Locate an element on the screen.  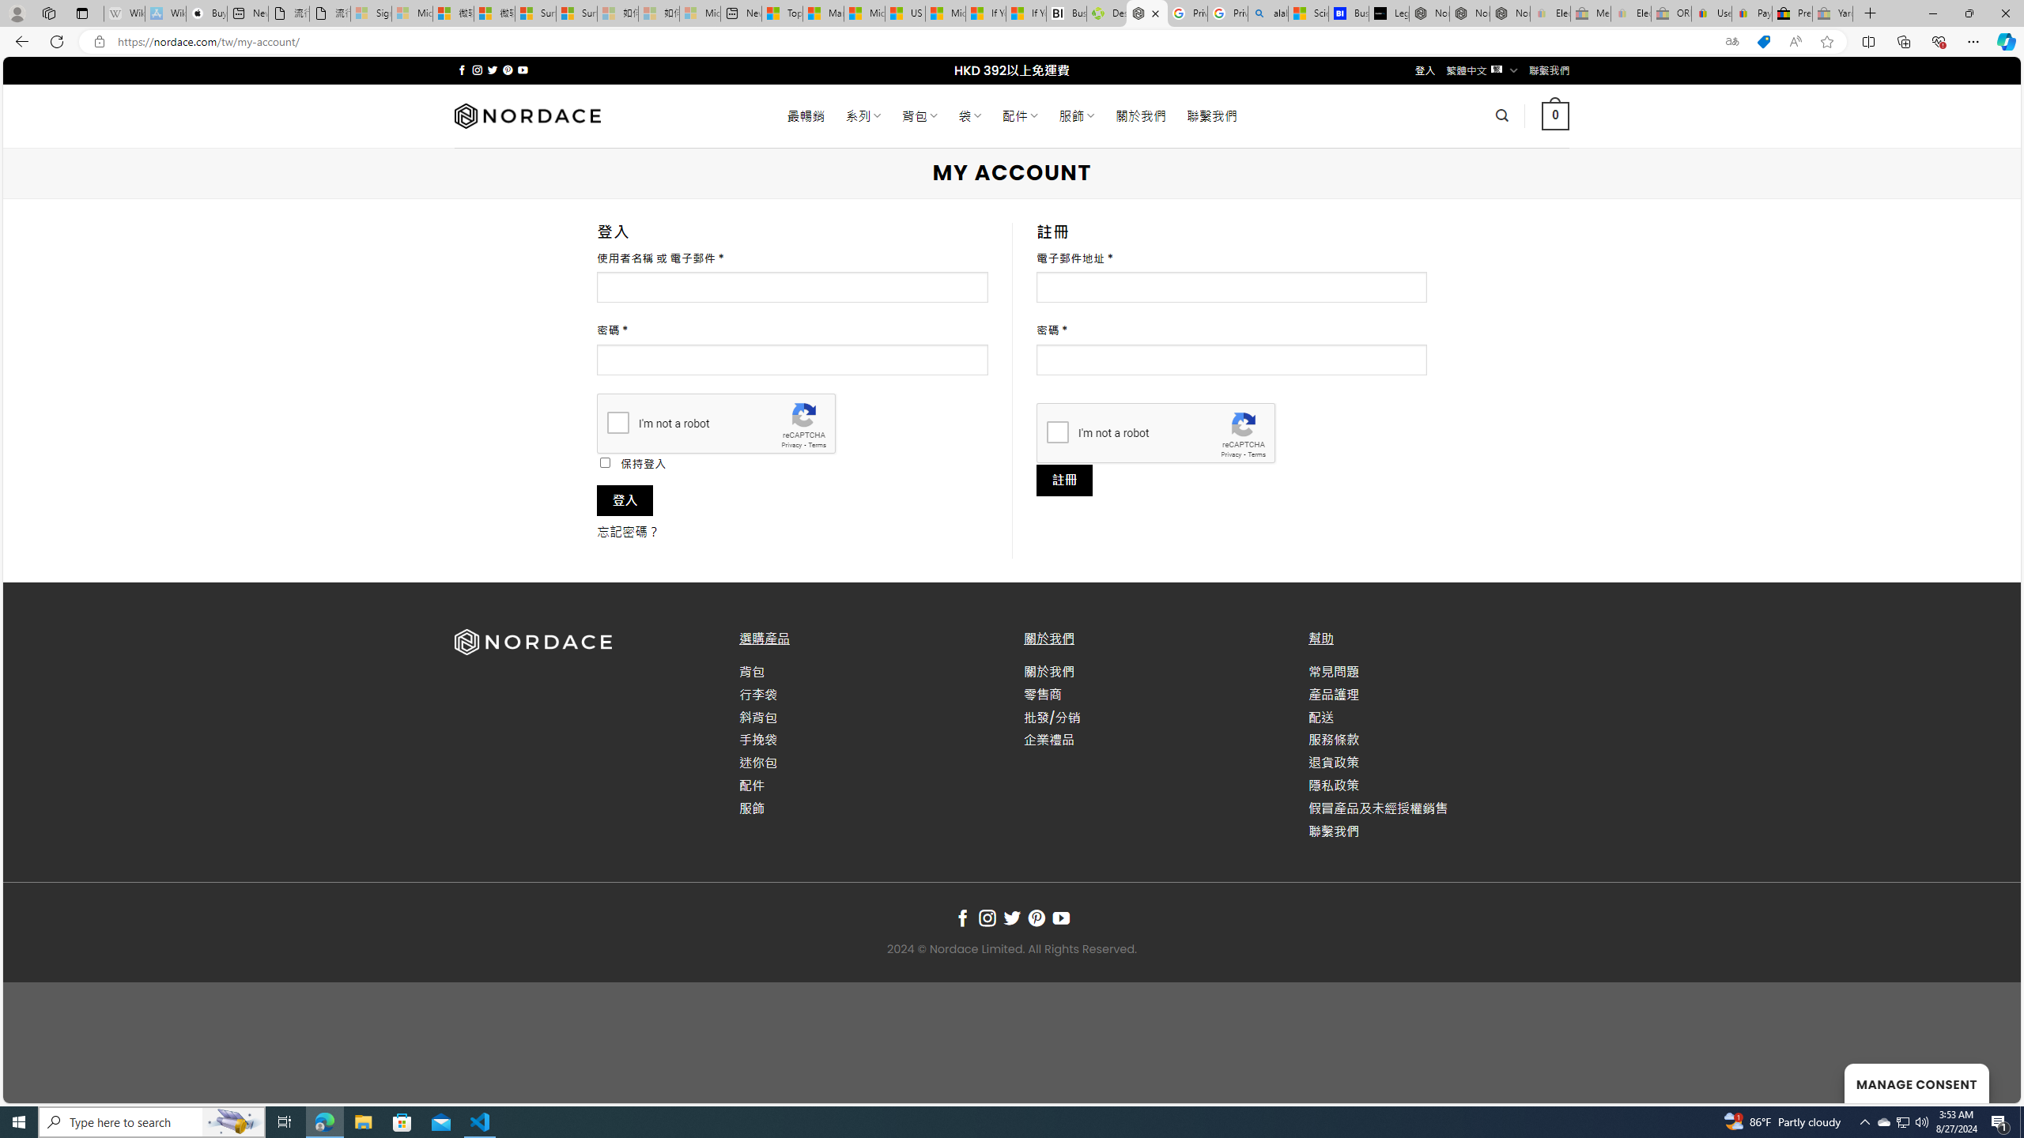
'Follow on Facebook' is located at coordinates (961, 918).